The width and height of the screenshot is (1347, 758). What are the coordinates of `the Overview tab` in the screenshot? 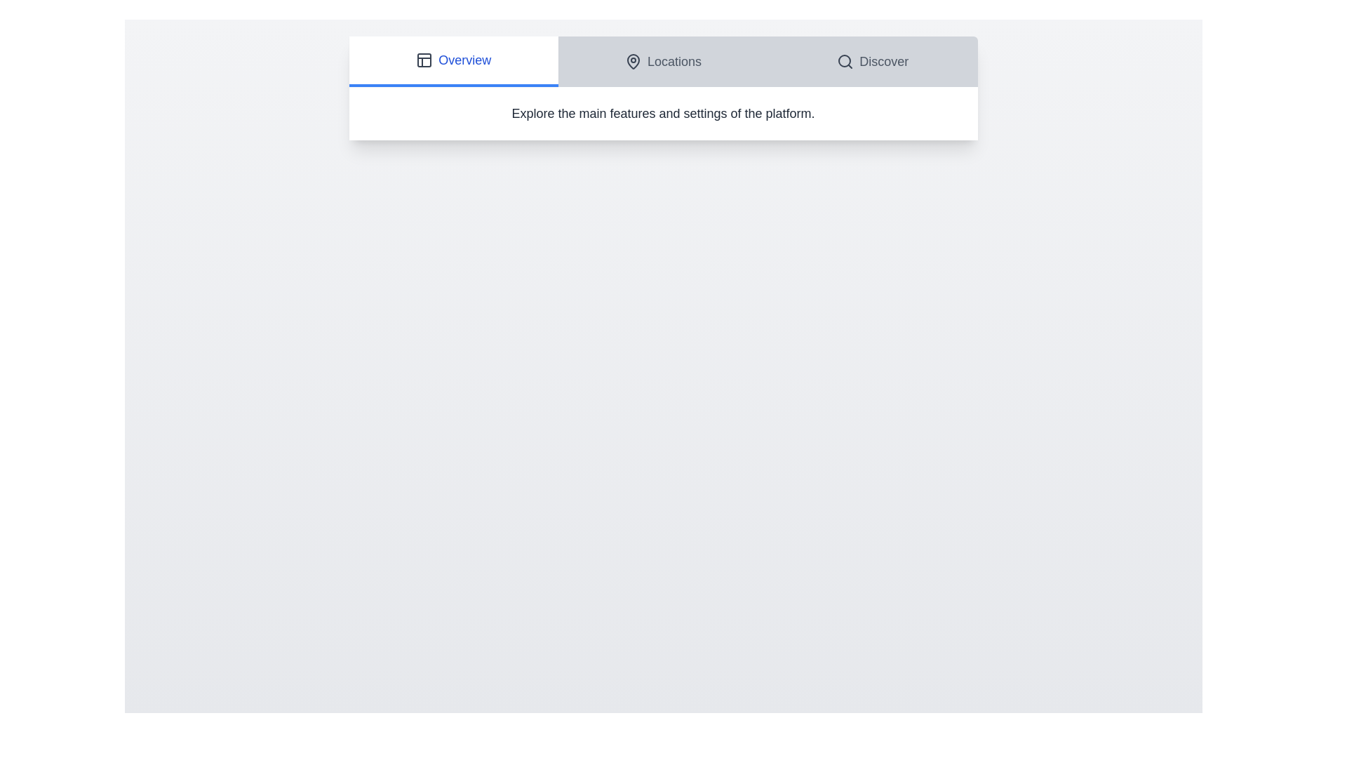 It's located at (453, 61).